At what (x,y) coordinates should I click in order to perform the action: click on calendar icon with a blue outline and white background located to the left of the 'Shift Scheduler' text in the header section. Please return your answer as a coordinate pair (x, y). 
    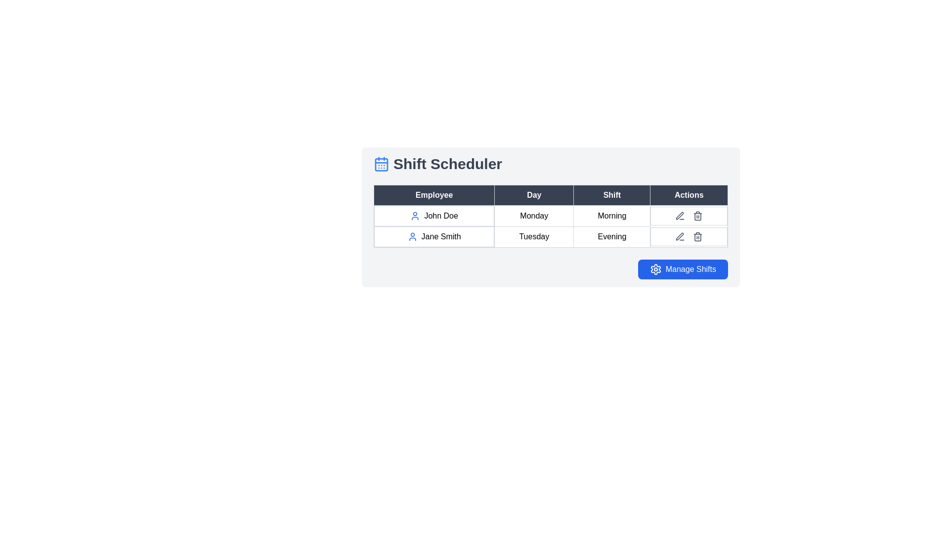
    Looking at the image, I should click on (381, 163).